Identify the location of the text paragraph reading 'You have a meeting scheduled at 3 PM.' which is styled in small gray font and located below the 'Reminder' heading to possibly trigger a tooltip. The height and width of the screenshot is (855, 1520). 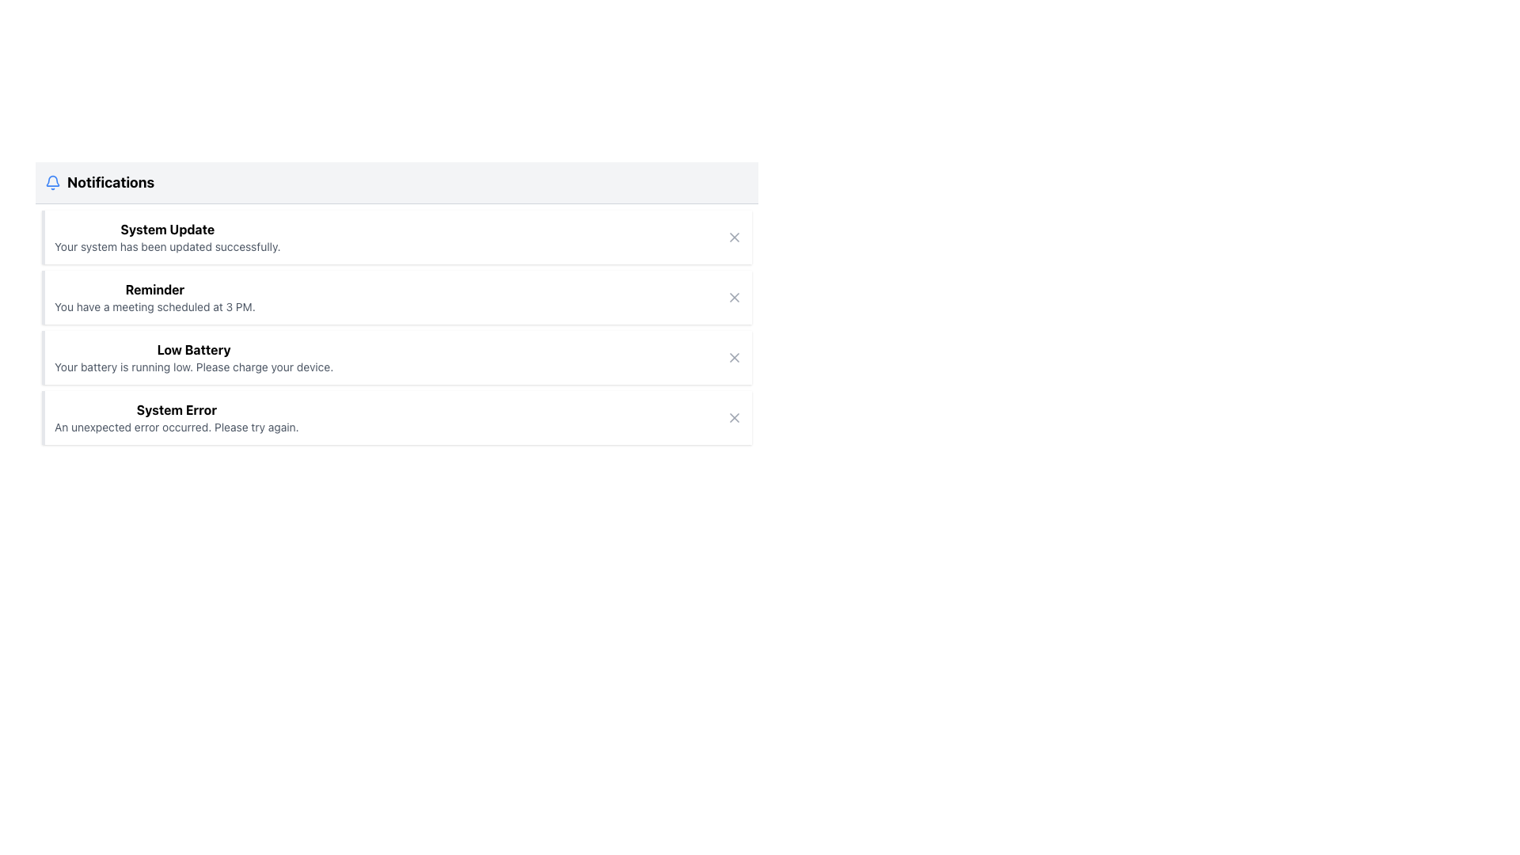
(154, 307).